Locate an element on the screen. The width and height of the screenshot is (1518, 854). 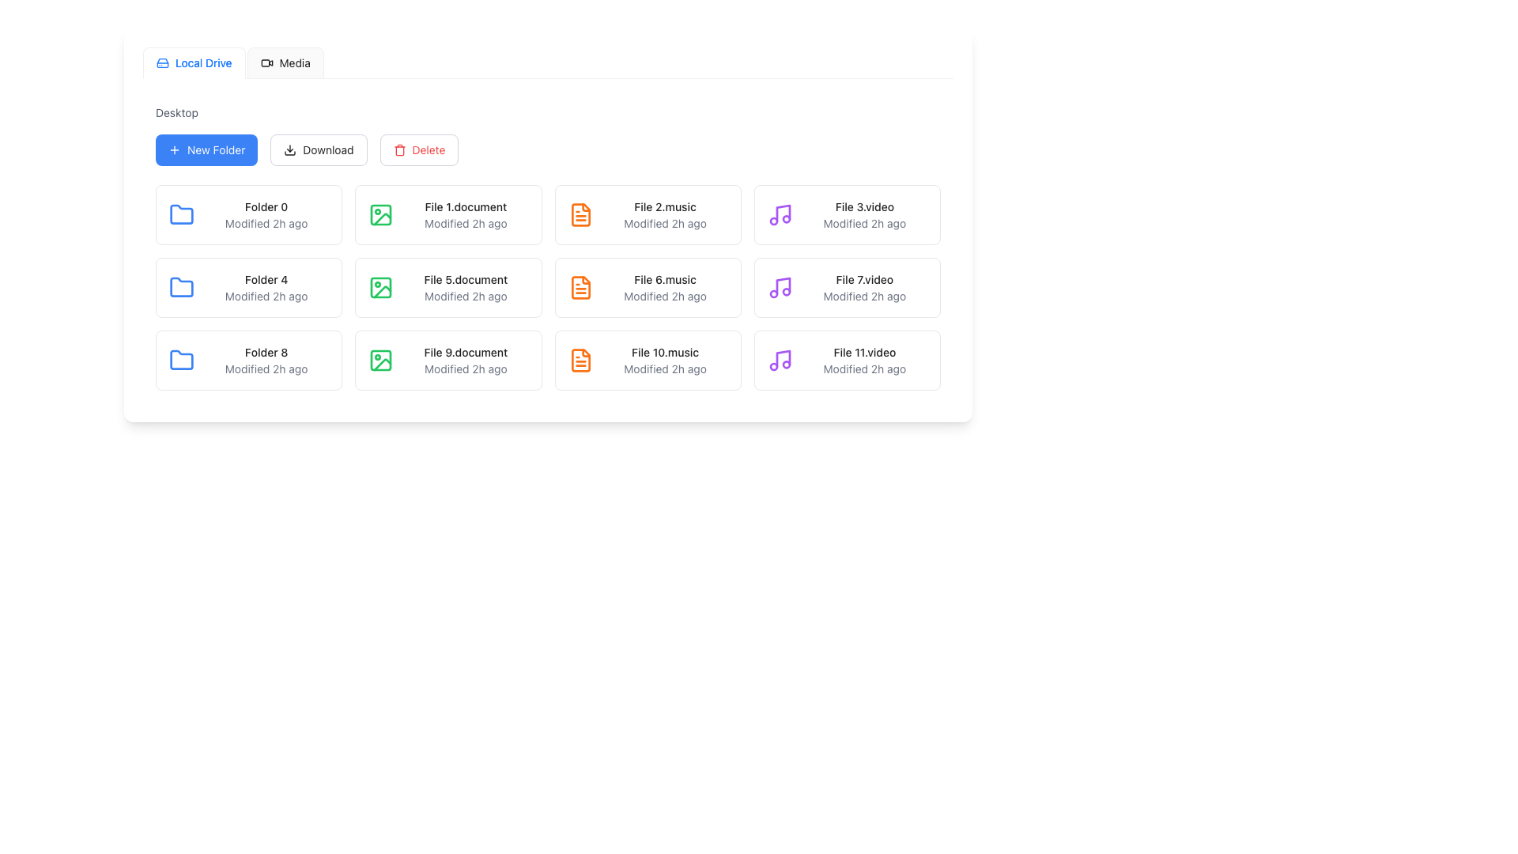
the video file entry titled 'File 3.video' is located at coordinates (863, 215).